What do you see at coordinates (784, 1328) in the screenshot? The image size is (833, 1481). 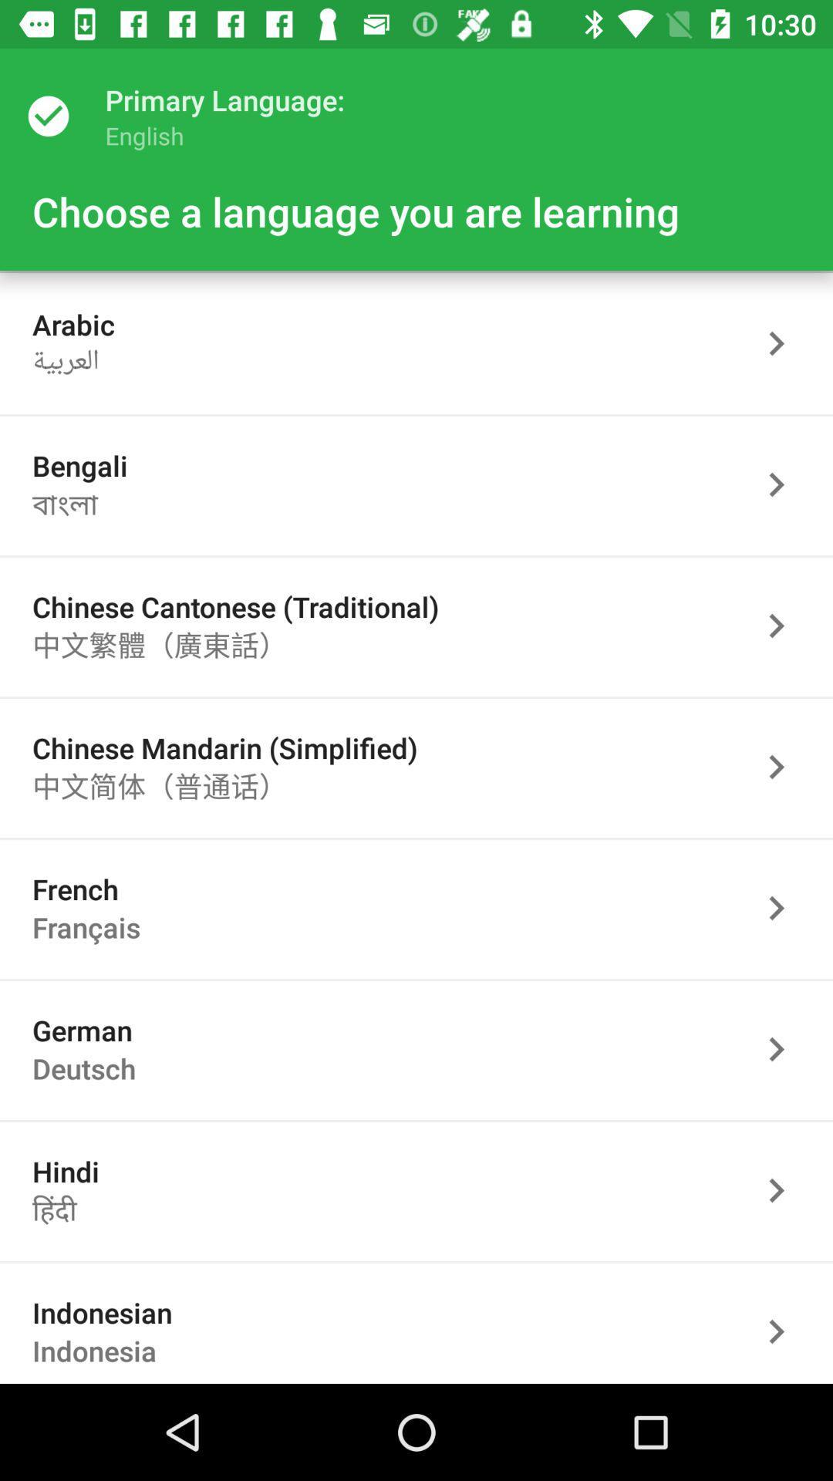 I see `language` at bounding box center [784, 1328].